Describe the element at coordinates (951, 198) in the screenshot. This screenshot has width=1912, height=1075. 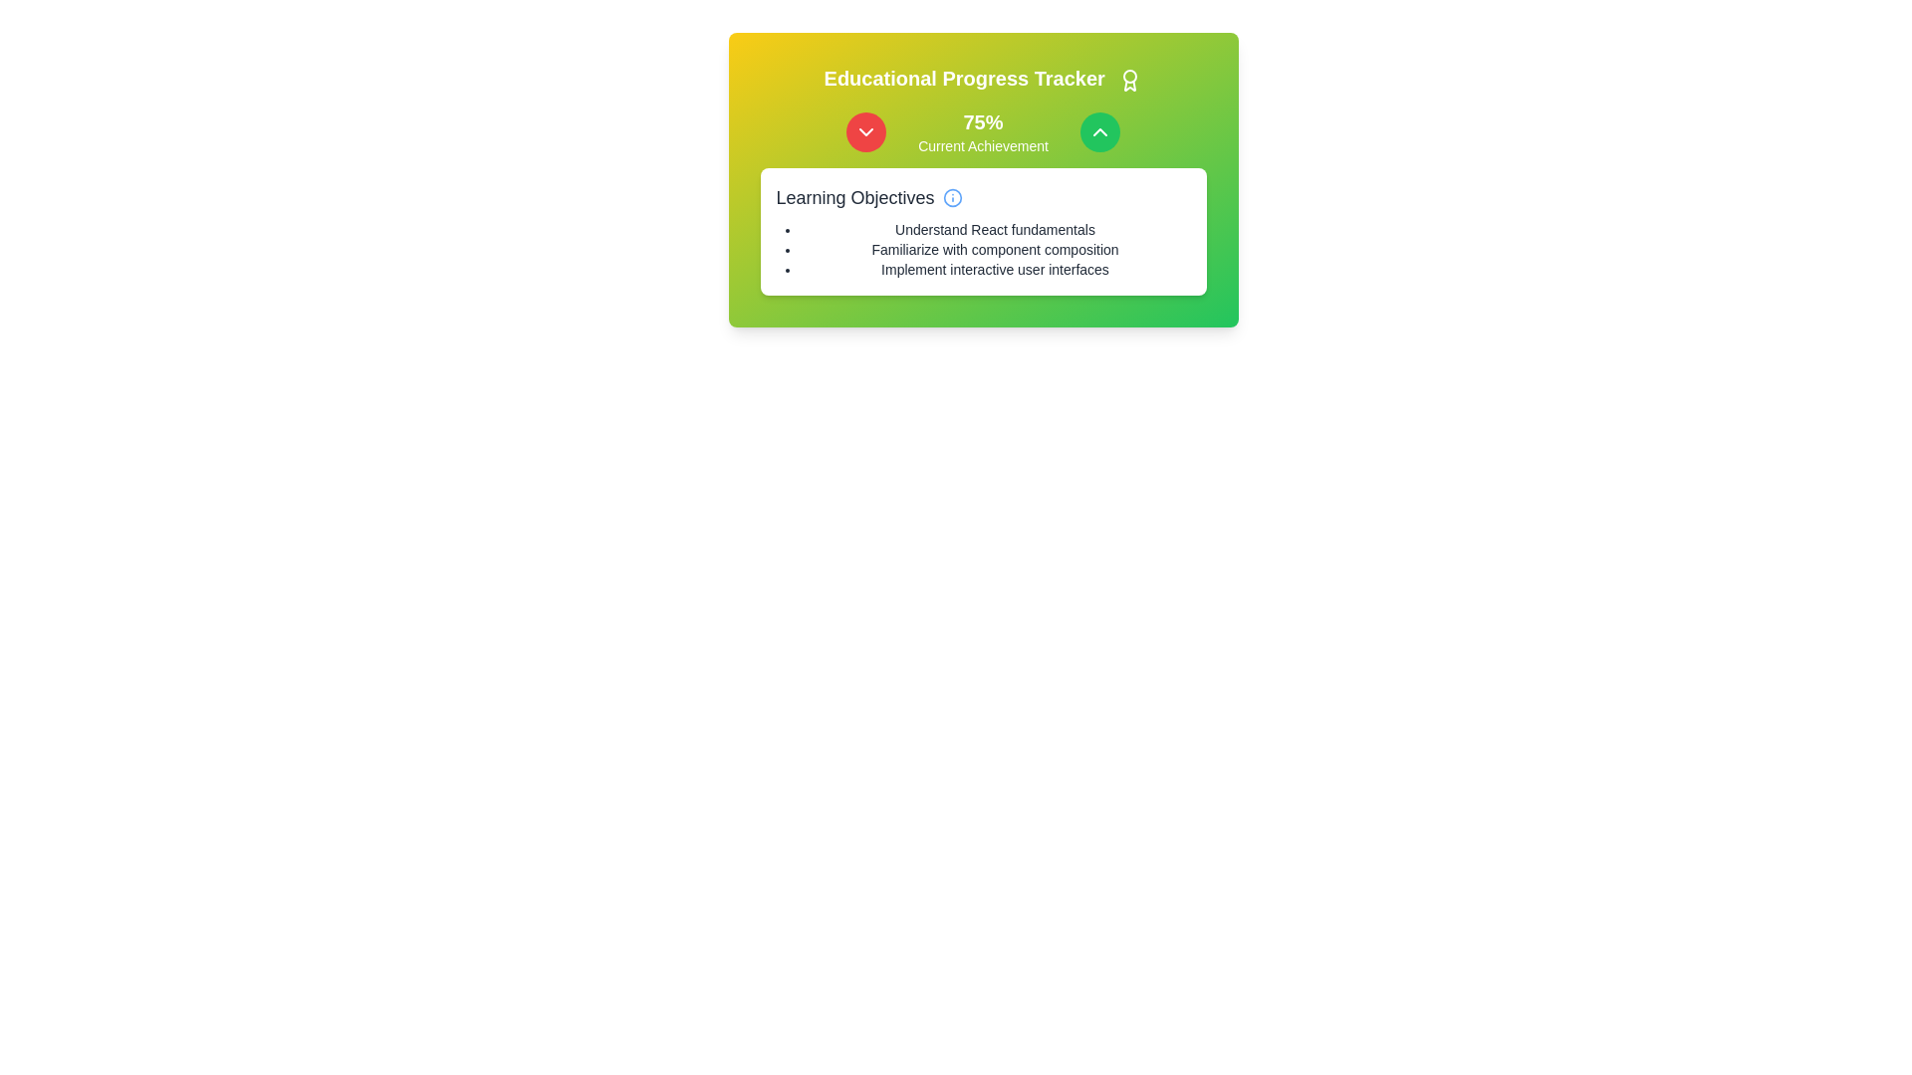
I see `the informational tooltip indicator located to the right of the 'Learning Objectives' heading` at that location.